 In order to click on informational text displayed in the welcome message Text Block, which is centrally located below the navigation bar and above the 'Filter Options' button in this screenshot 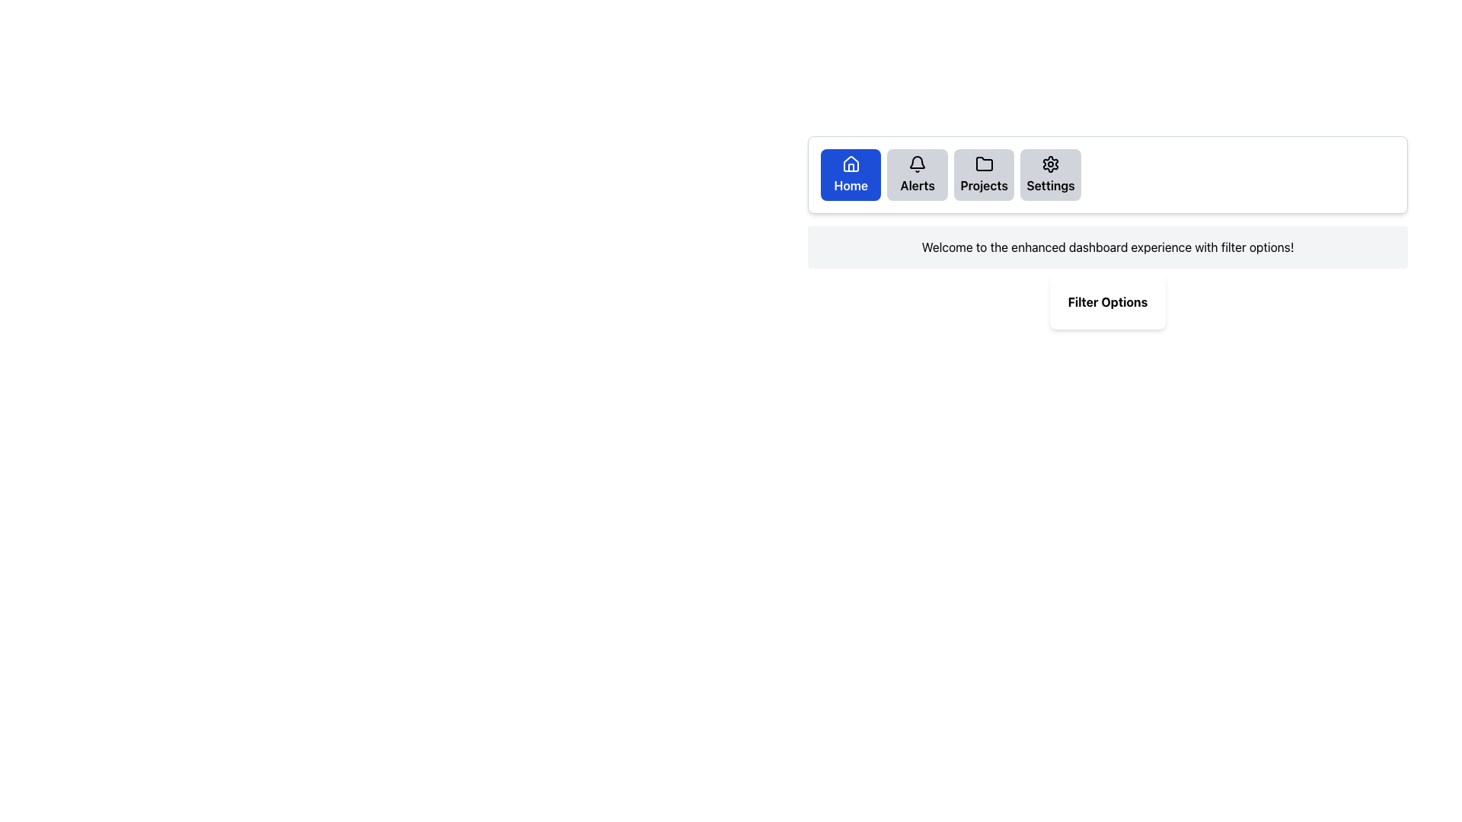, I will do `click(1107, 246)`.